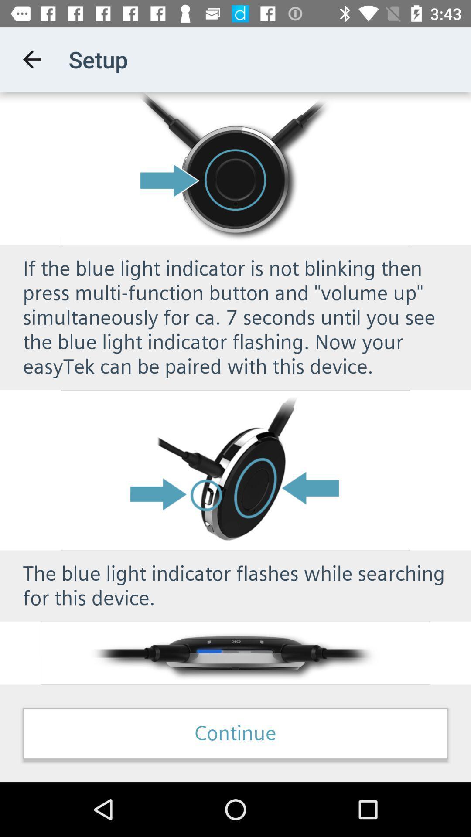 Image resolution: width=471 pixels, height=837 pixels. What do you see at coordinates (31, 59) in the screenshot?
I see `the icon next to setup app` at bounding box center [31, 59].